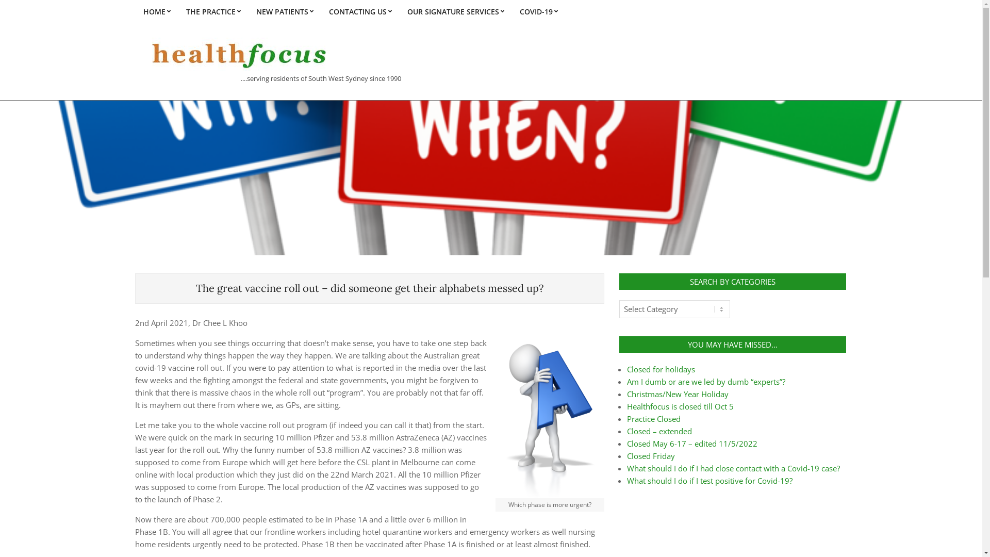 The height and width of the screenshot is (557, 990). Describe the element at coordinates (661, 369) in the screenshot. I see `'Closed for holidays'` at that location.